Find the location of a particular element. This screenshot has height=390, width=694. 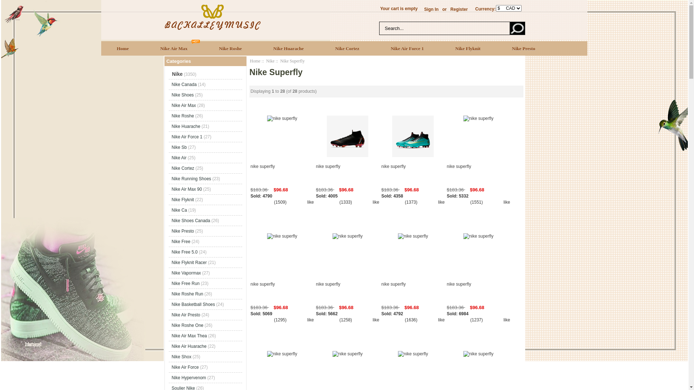

'Nike Shoes' is located at coordinates (183, 94).